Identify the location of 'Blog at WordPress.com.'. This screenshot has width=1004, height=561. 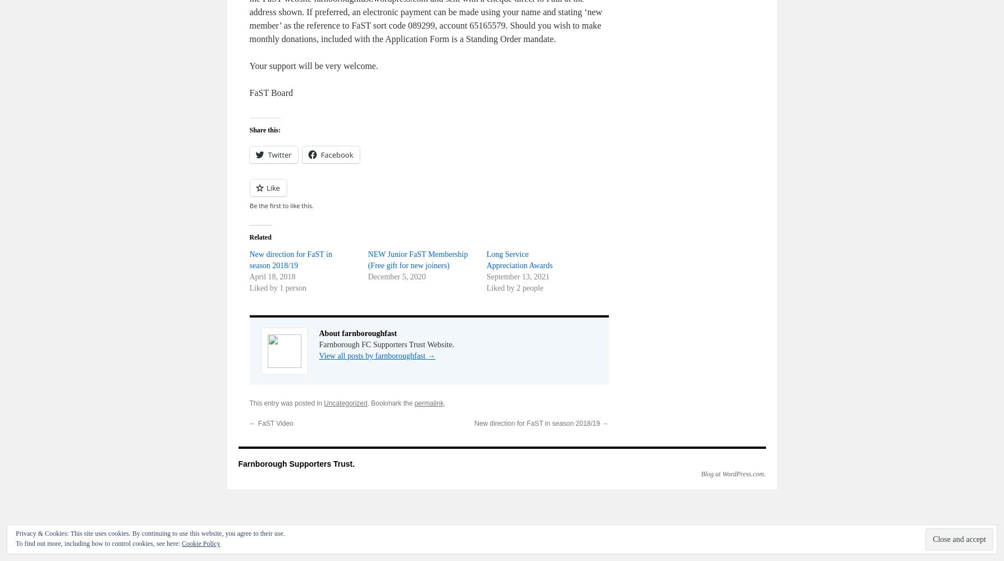
(733, 473).